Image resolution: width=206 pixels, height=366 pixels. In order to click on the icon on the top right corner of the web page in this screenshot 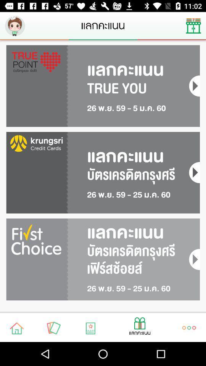, I will do `click(193, 26)`.